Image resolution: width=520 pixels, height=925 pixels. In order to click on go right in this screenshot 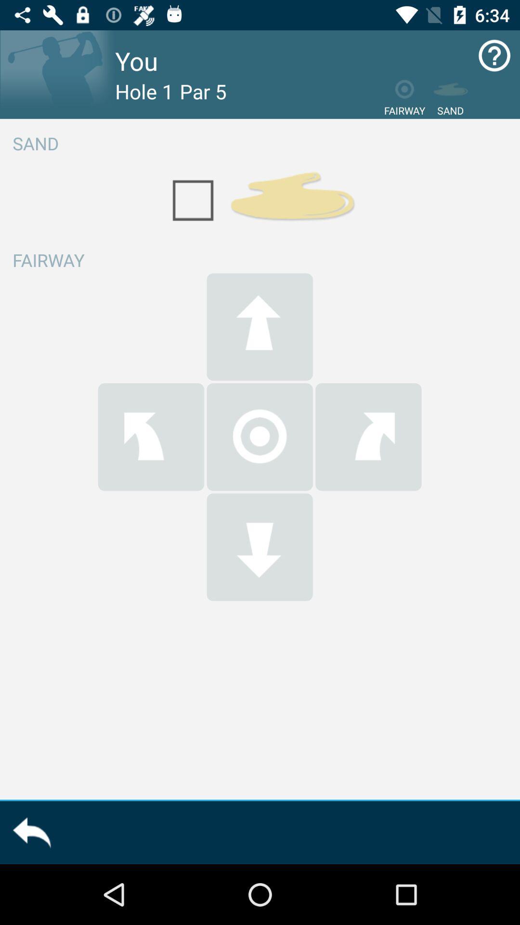, I will do `click(368, 436)`.